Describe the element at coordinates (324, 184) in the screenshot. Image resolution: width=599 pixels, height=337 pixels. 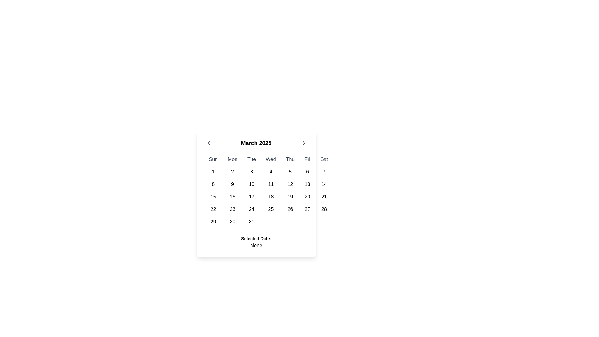
I see `the static text element displaying the date for Saturday in the calendar grid` at that location.